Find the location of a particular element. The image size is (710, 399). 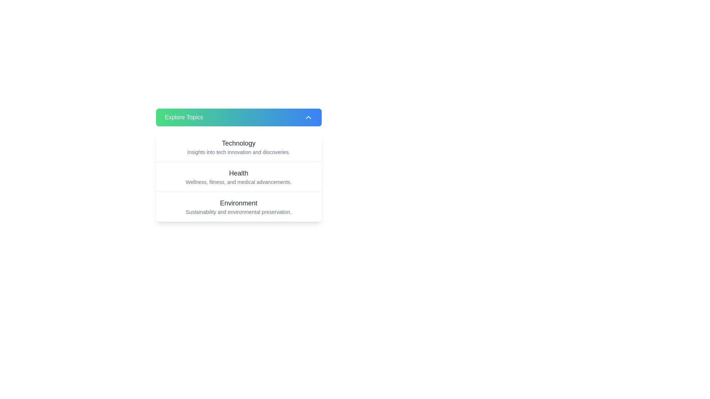

the text label that reads 'Wellness, fitness, and medical advancements.' which is styled with a small text size and light gray color, located directly below the header 'Health' is located at coordinates (239, 182).